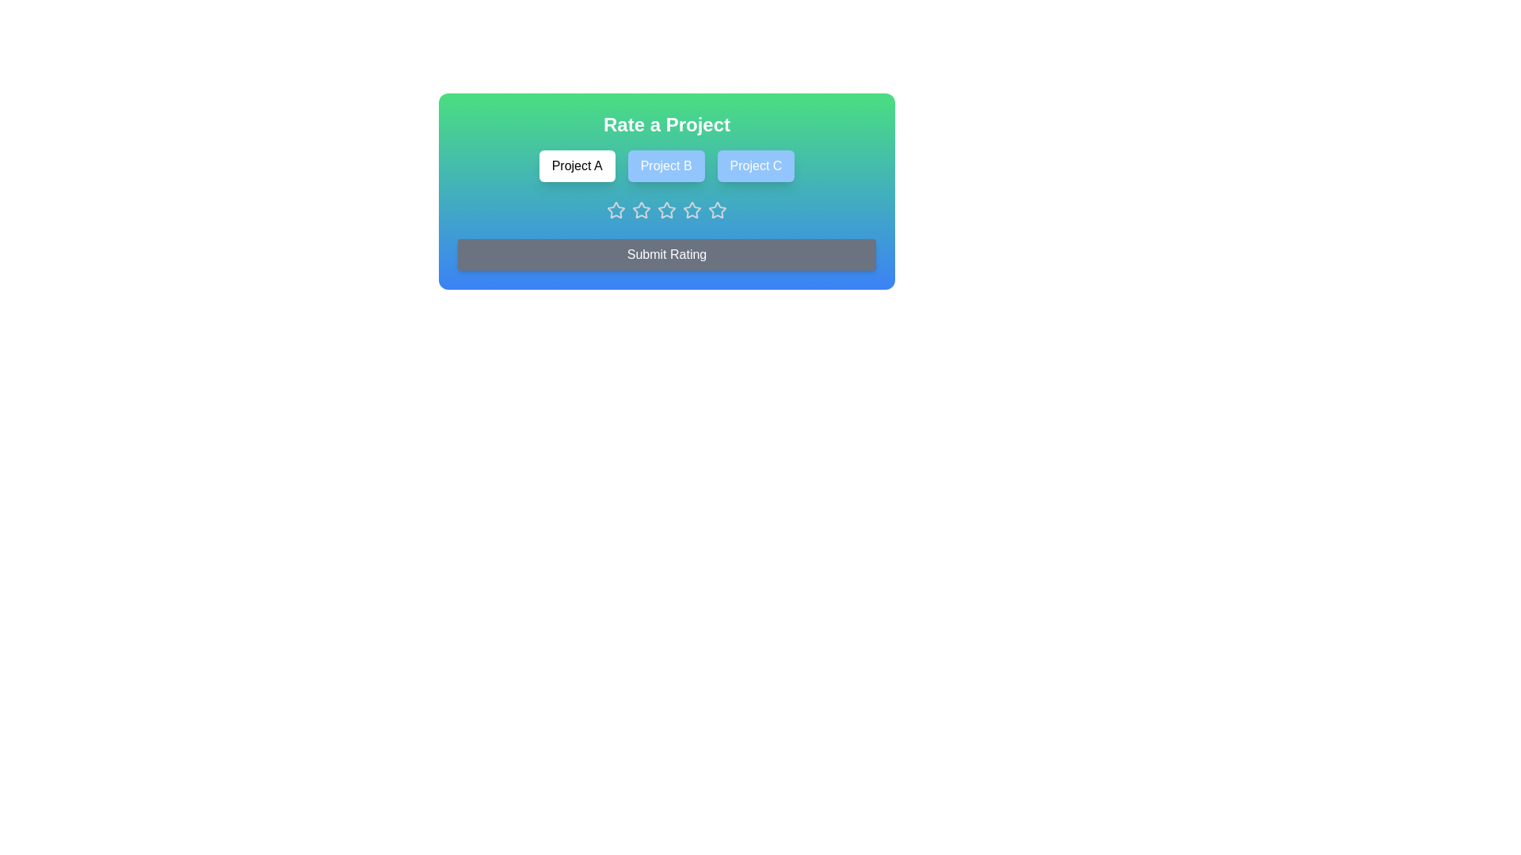 This screenshot has width=1521, height=855. What do you see at coordinates (717, 210) in the screenshot?
I see `the star corresponding to 5 to set the project rating` at bounding box center [717, 210].